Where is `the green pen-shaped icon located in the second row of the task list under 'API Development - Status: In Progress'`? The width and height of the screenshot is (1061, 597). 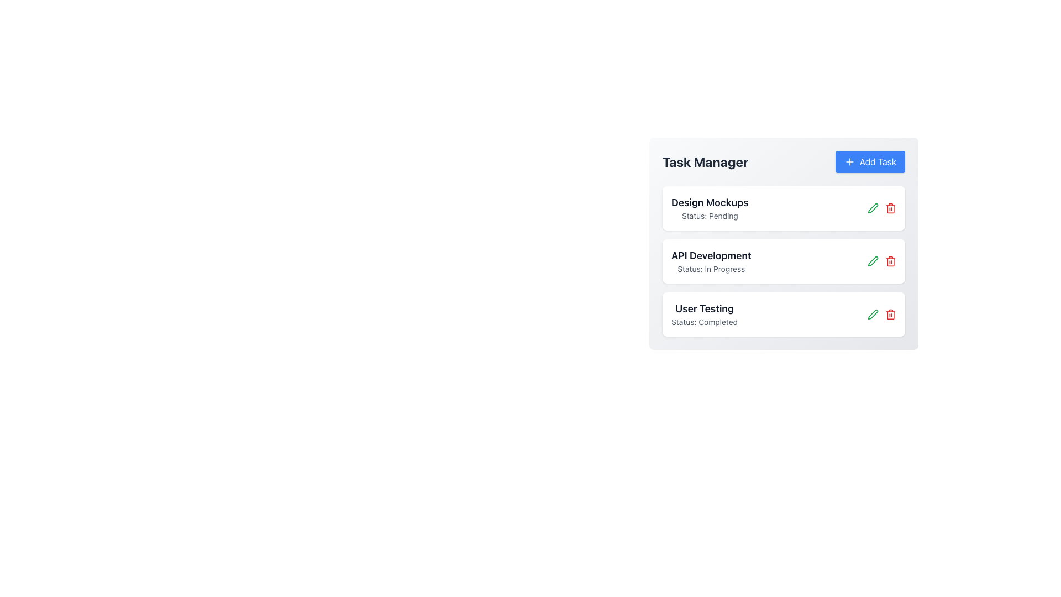 the green pen-shaped icon located in the second row of the task list under 'API Development - Status: In Progress' is located at coordinates (872, 261).